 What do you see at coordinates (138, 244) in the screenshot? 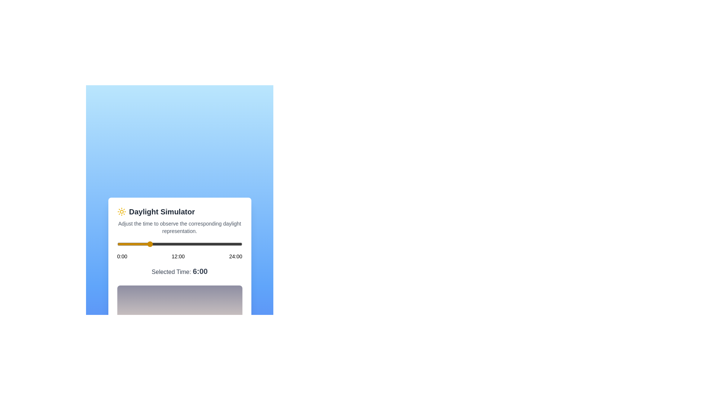
I see `the time of day to 4 hours using the slider` at bounding box center [138, 244].